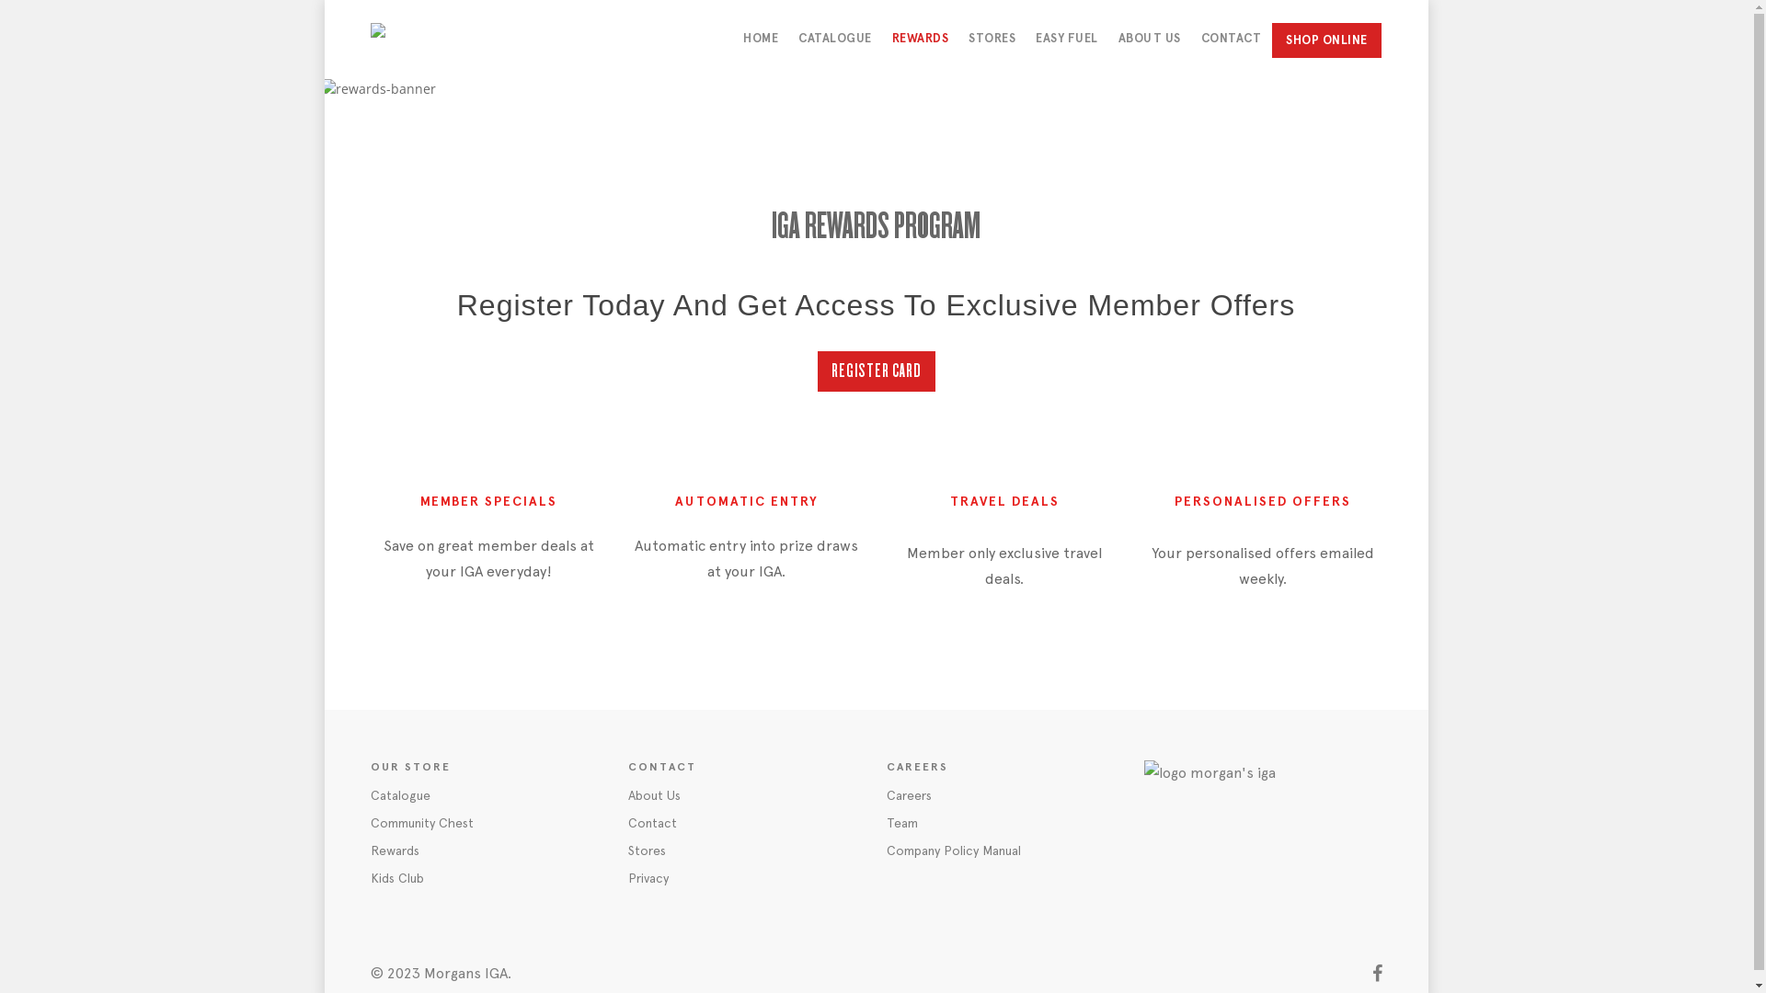 The image size is (1766, 993). I want to click on 'SHOP ONLINE', so click(1326, 40).